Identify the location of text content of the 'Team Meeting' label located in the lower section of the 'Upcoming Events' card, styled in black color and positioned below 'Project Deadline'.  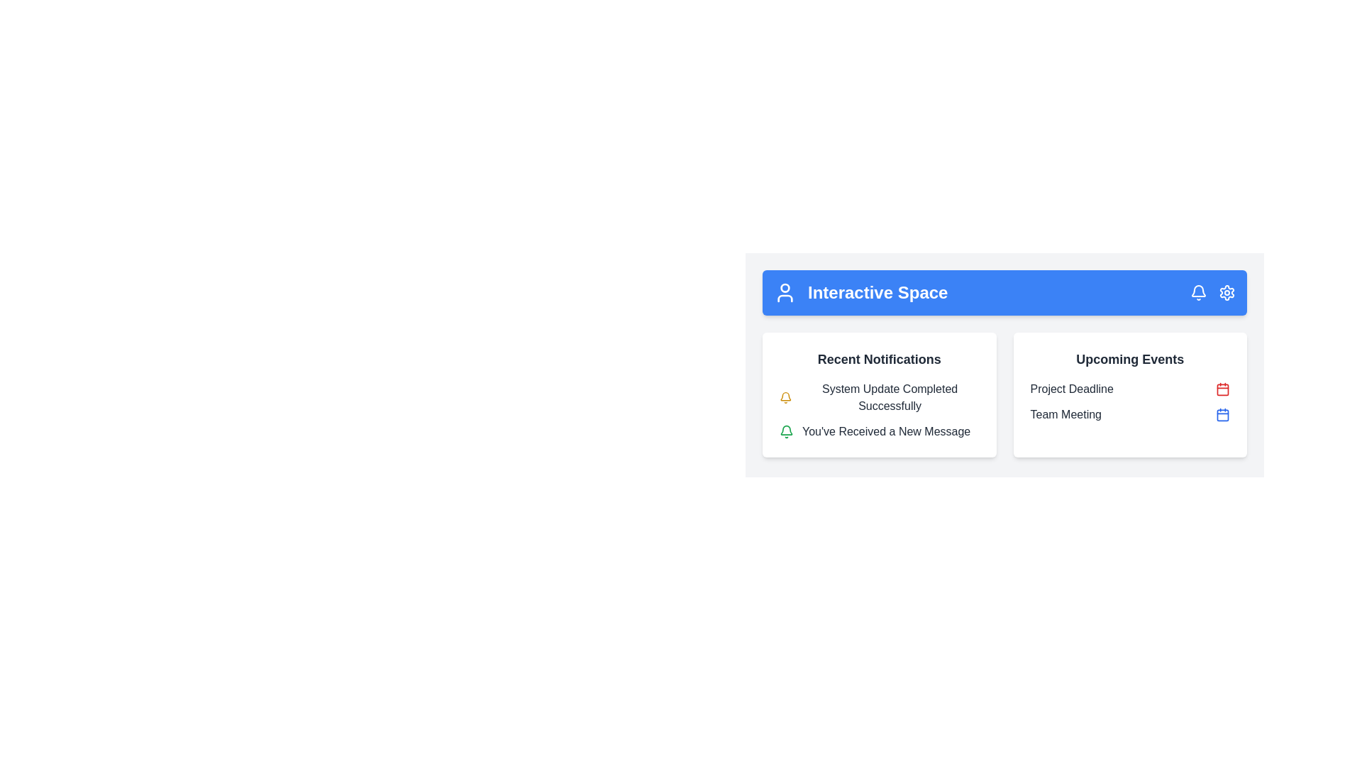
(1065, 415).